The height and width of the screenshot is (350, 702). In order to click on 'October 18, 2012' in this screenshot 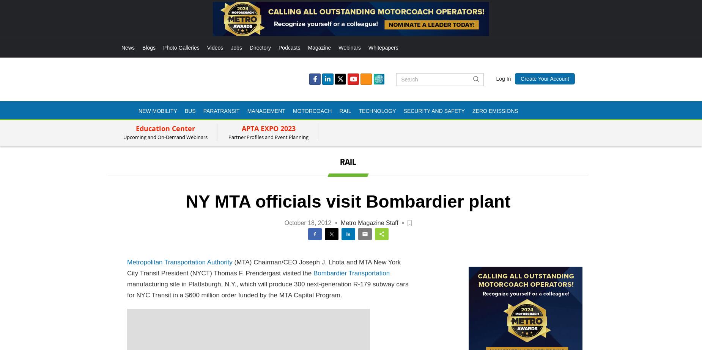, I will do `click(284, 223)`.